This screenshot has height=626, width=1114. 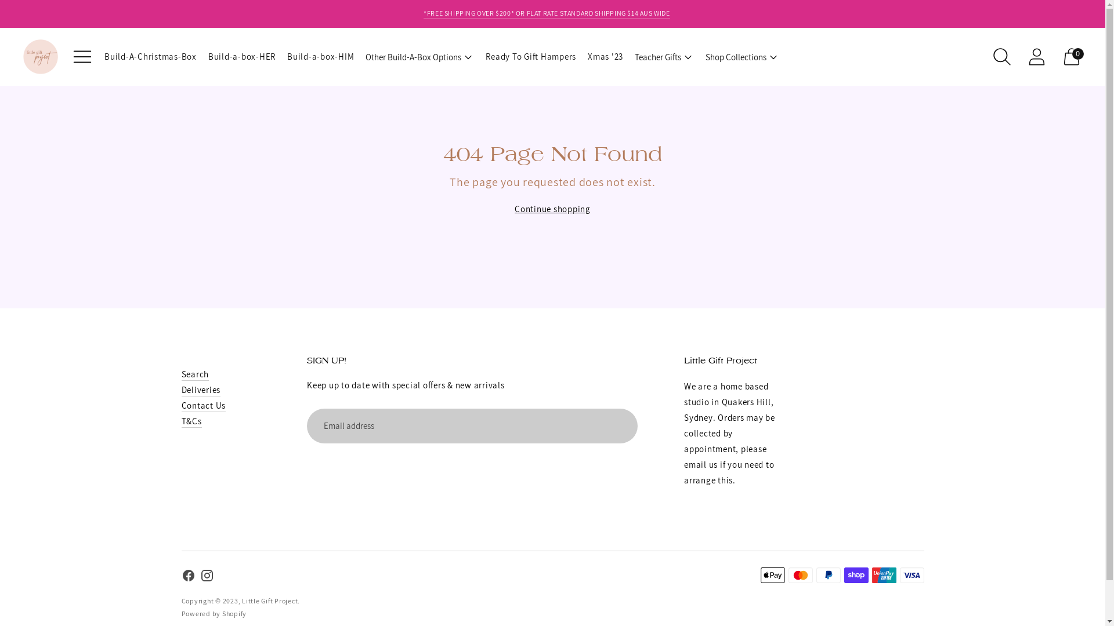 What do you see at coordinates (180, 405) in the screenshot?
I see `'Contact Us'` at bounding box center [180, 405].